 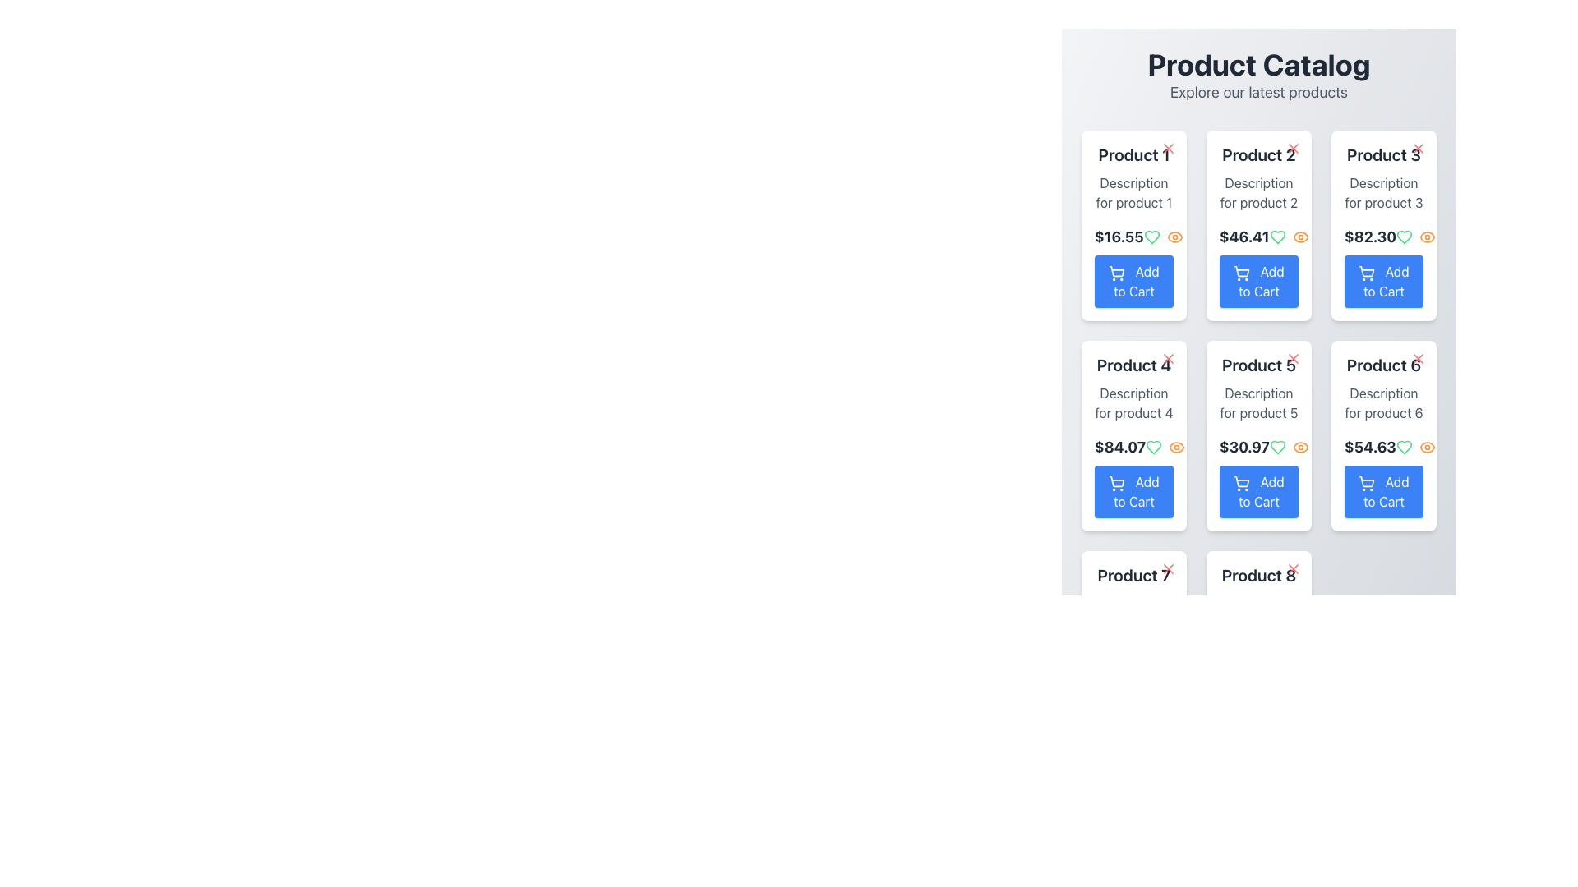 I want to click on the dismiss button located at the top-right corner of the card labeled 'Product 6', so click(x=1418, y=357).